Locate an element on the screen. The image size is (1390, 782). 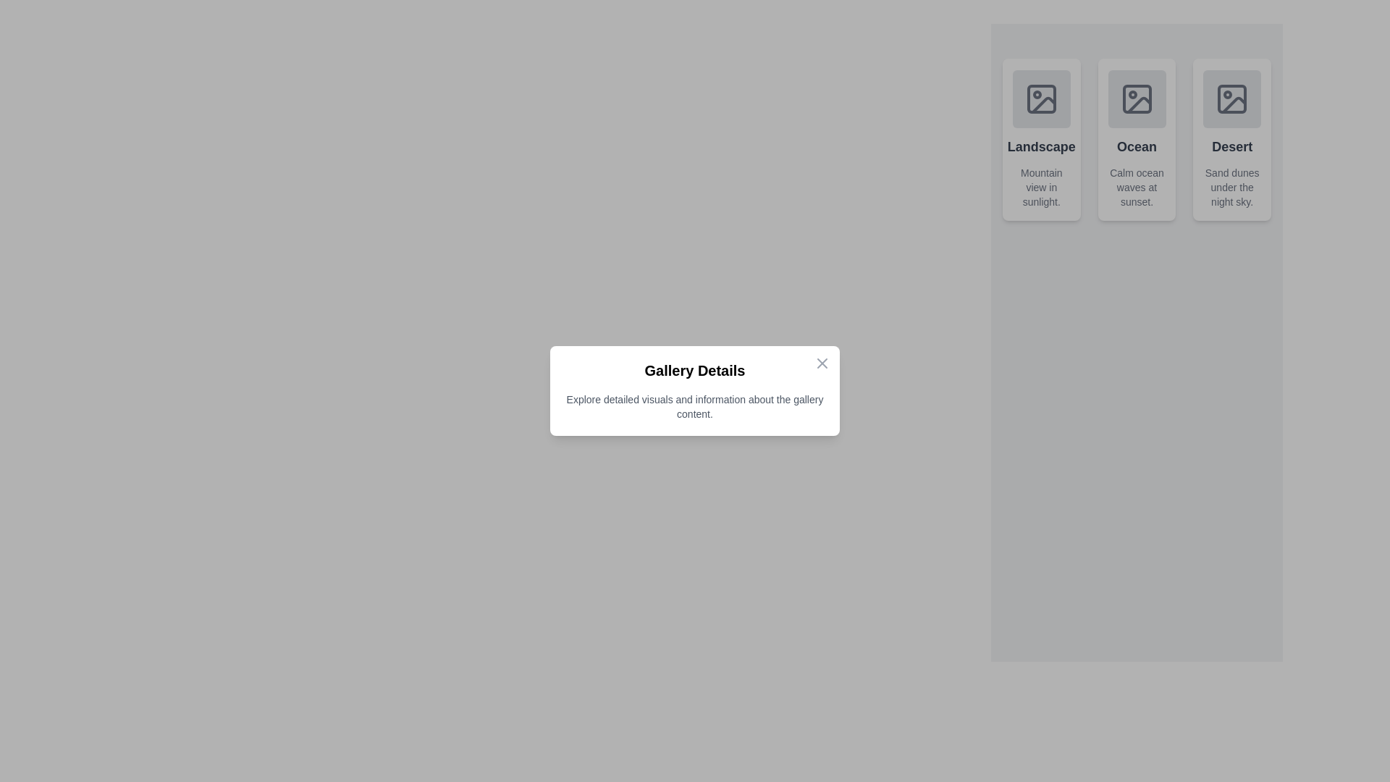
the decorative graphical element inside the image icon located in the bottom-right portion of the 'Landscape' card is located at coordinates (1043, 104).